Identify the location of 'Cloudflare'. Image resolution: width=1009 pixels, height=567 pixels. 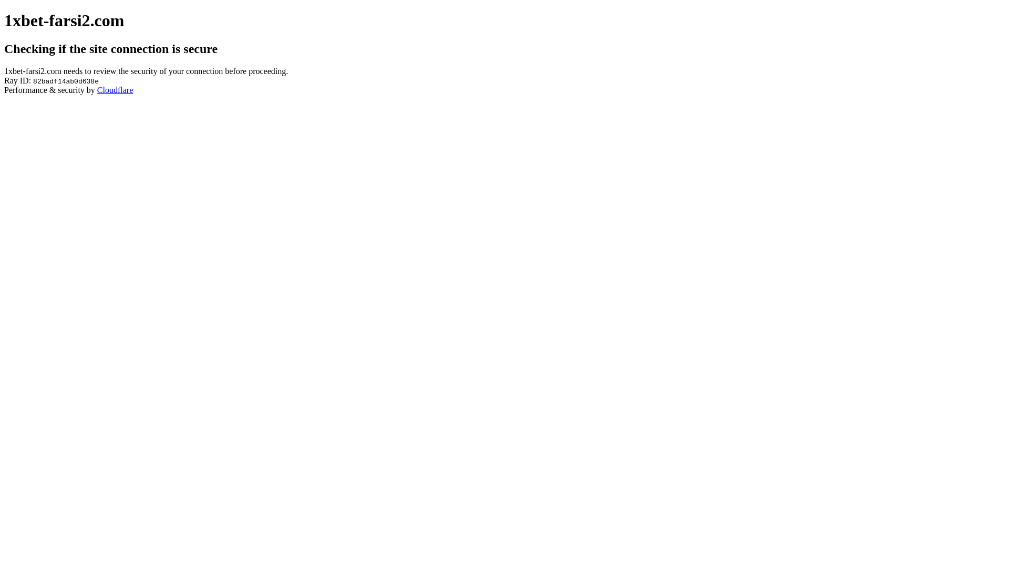
(115, 89).